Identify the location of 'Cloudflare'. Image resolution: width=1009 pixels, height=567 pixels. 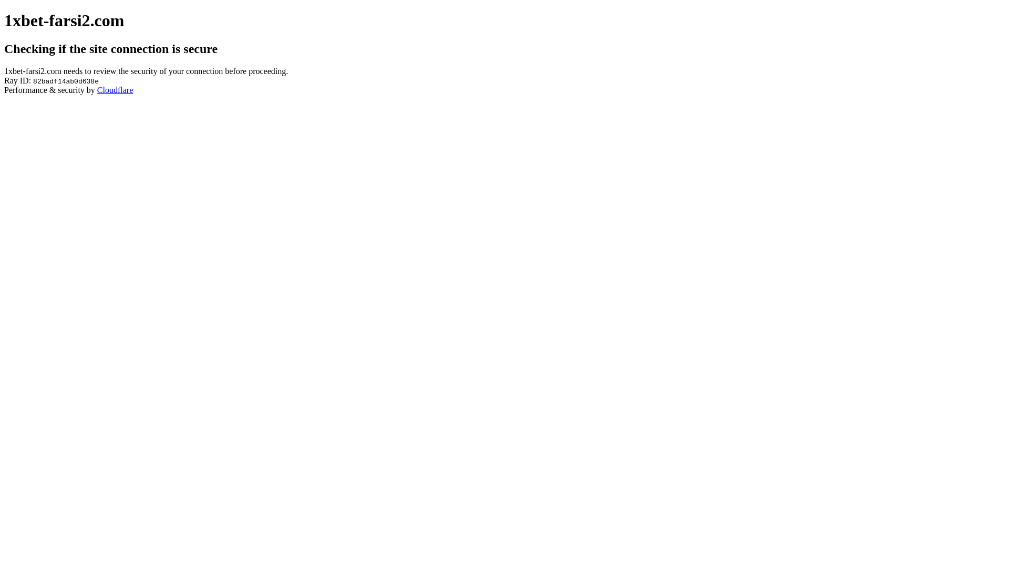
(115, 89).